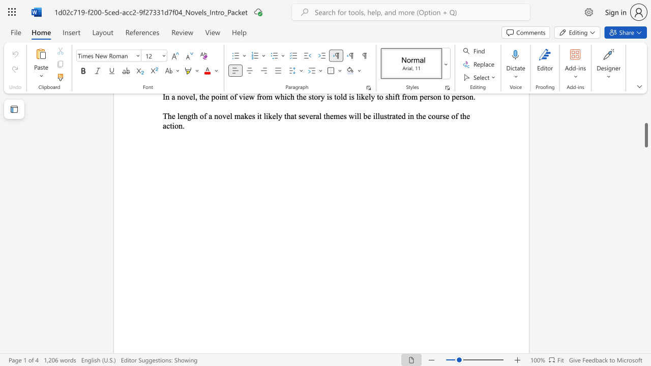  I want to click on the scrollbar and move down 560 pixels, so click(645, 135).